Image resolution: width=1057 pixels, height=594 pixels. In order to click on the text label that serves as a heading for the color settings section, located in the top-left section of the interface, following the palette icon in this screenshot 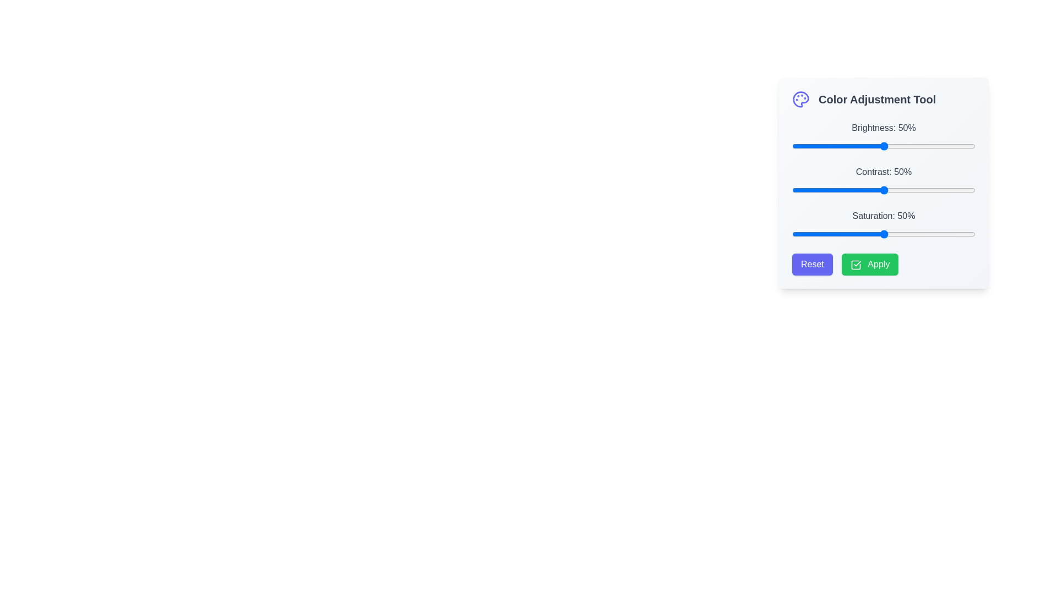, I will do `click(876, 100)`.